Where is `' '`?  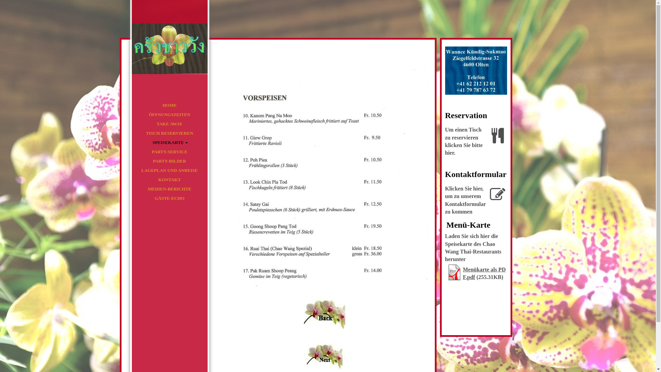 ' ' is located at coordinates (169, 48).